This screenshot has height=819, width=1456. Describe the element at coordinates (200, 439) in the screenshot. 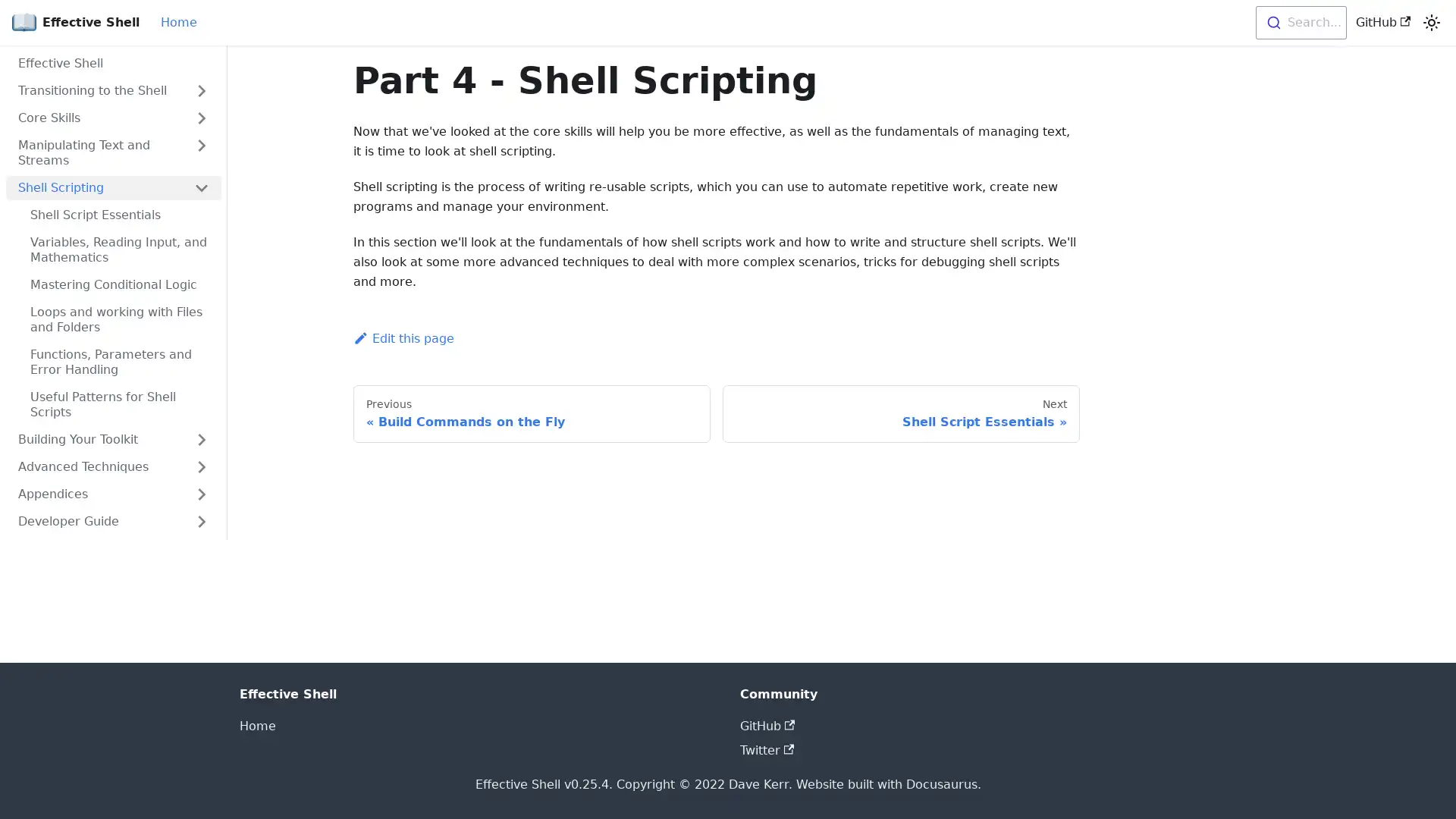

I see `Toggle the collapsible sidebar category 'Building Your Toolkit'` at that location.